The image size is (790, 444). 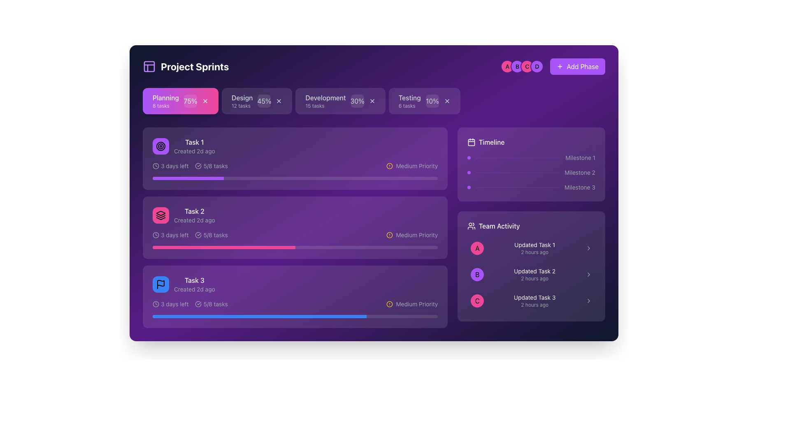 I want to click on the circular badge with a pink background and a centered capital letter 'A' in bold black font, located in the left-most part of the team activity section, aligned vertically with 'Updated Task 1, 2 hours ago', so click(x=477, y=248).